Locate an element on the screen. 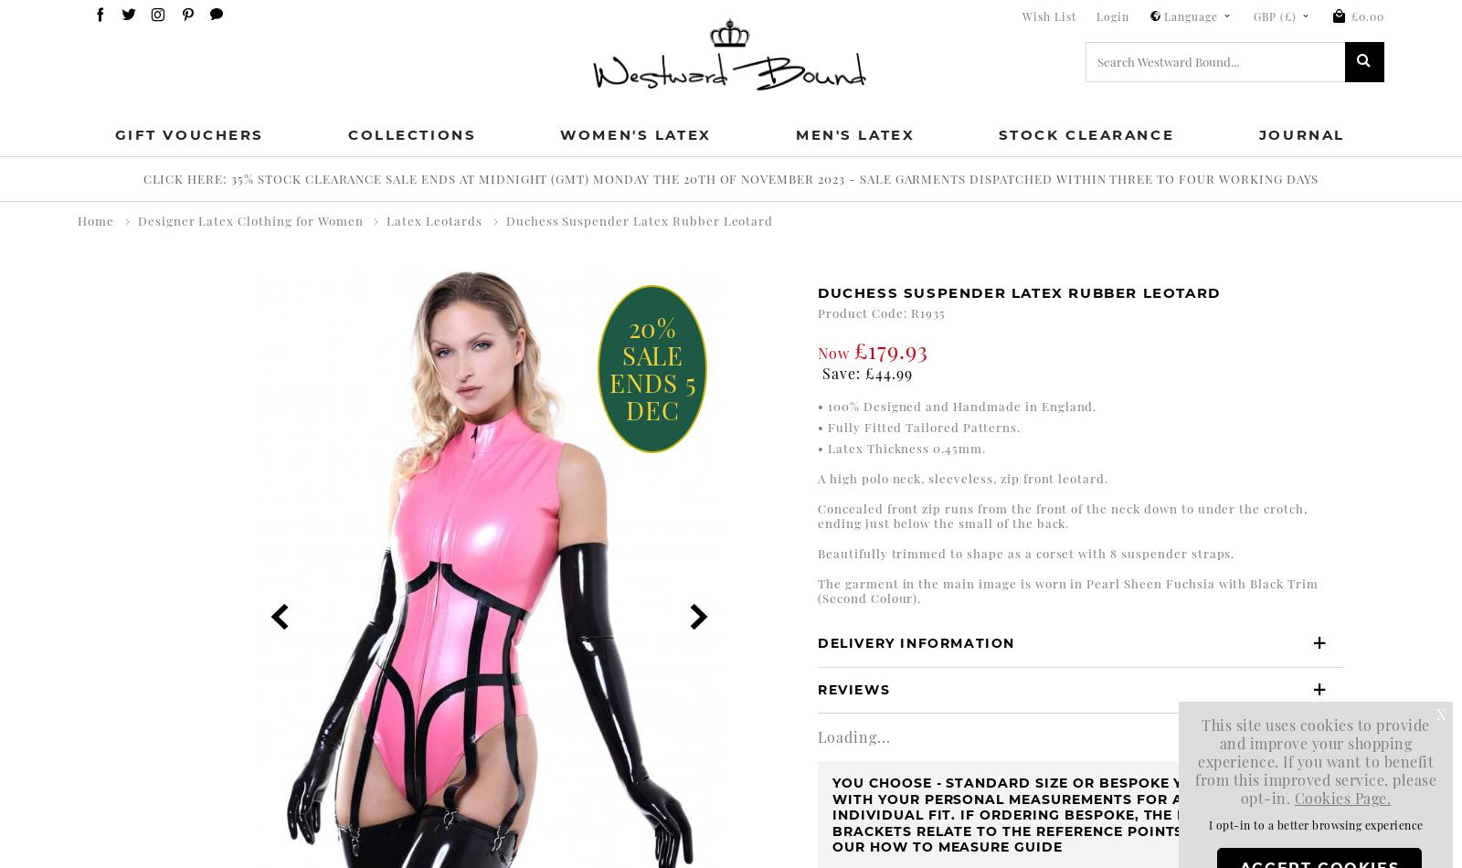  'X' is located at coordinates (1440, 713).